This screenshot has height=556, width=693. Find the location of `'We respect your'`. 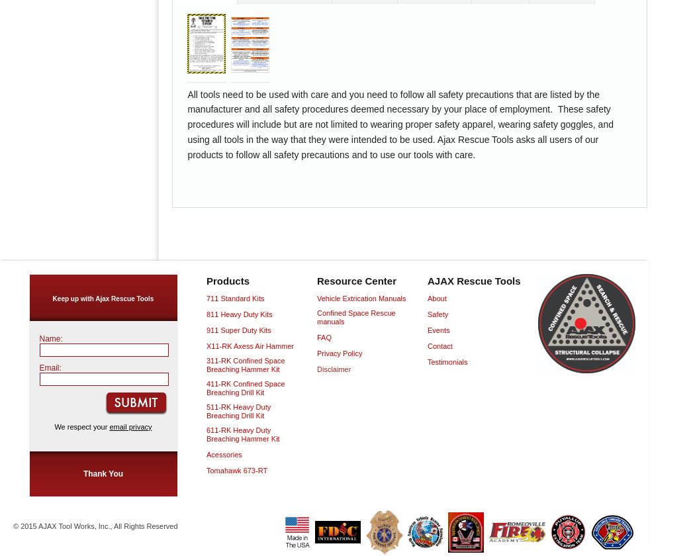

'We respect your' is located at coordinates (81, 426).